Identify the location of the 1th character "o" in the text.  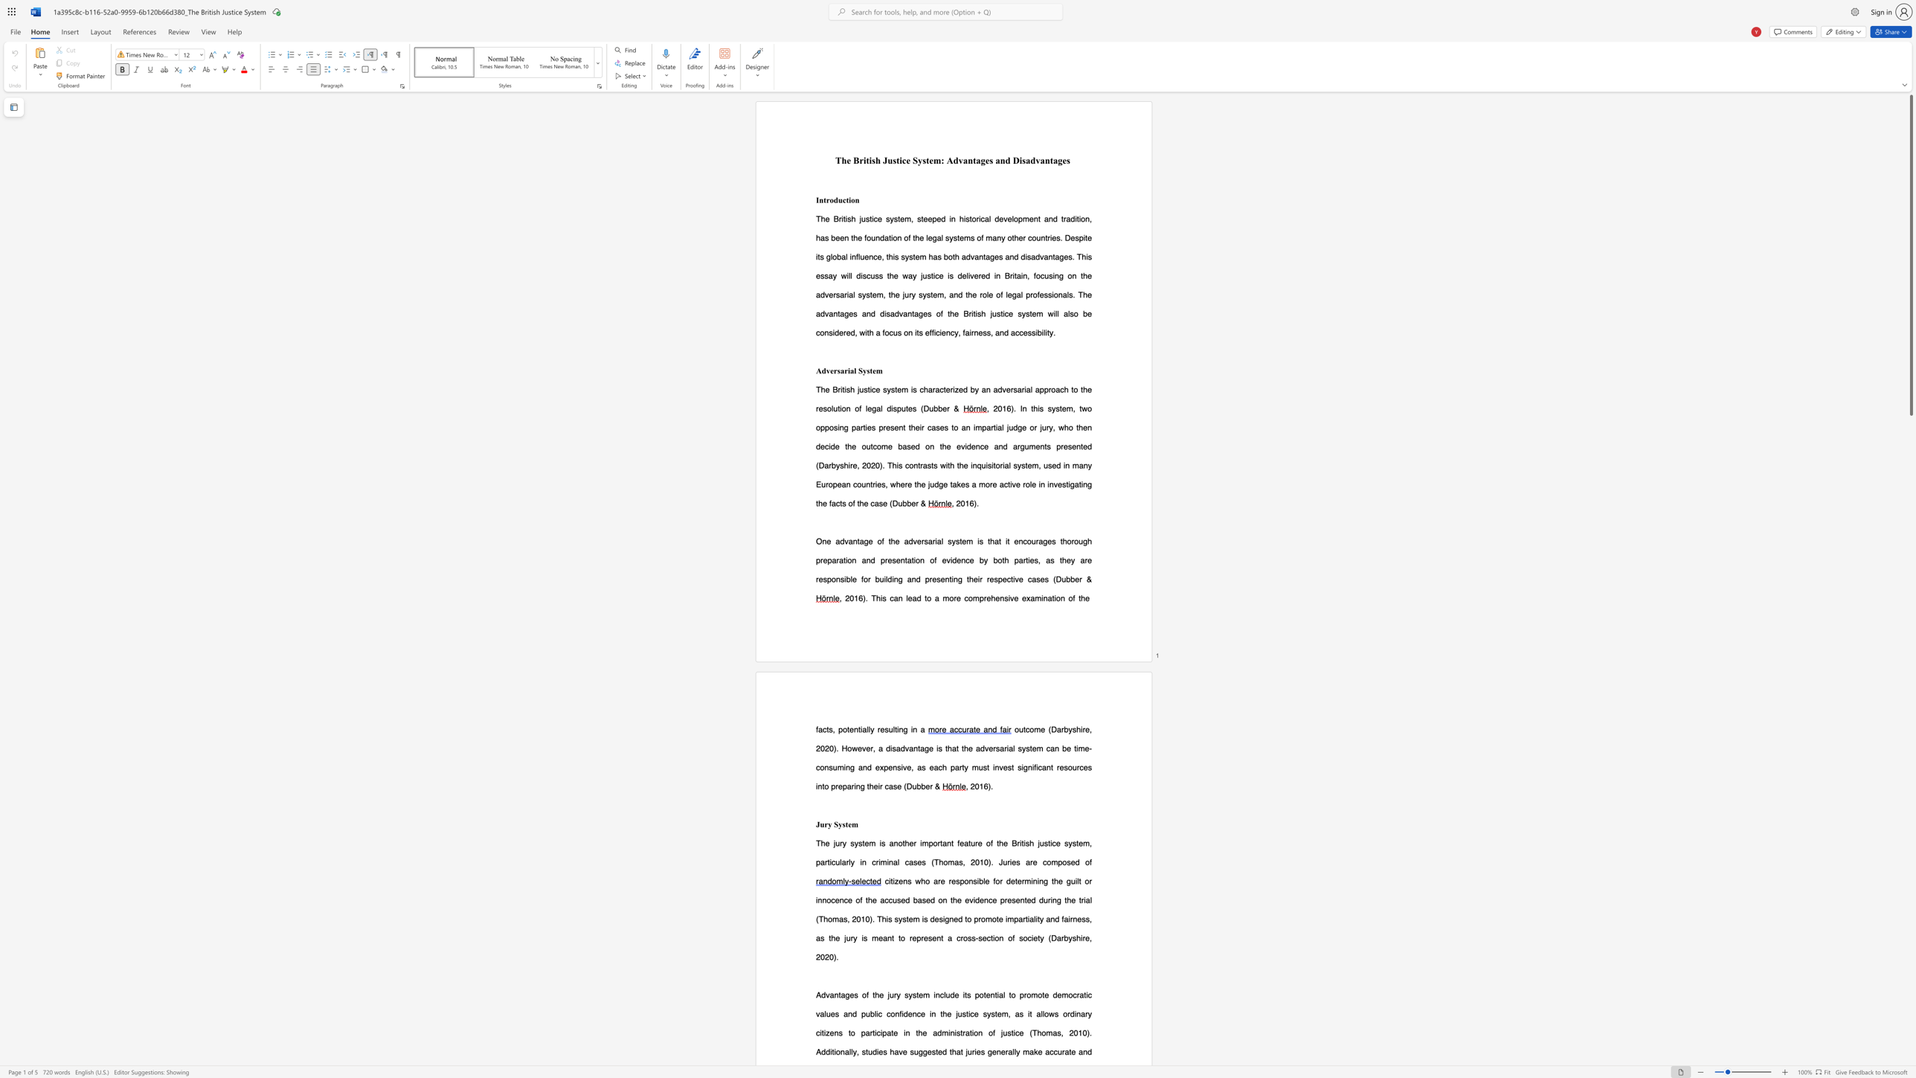
(843, 728).